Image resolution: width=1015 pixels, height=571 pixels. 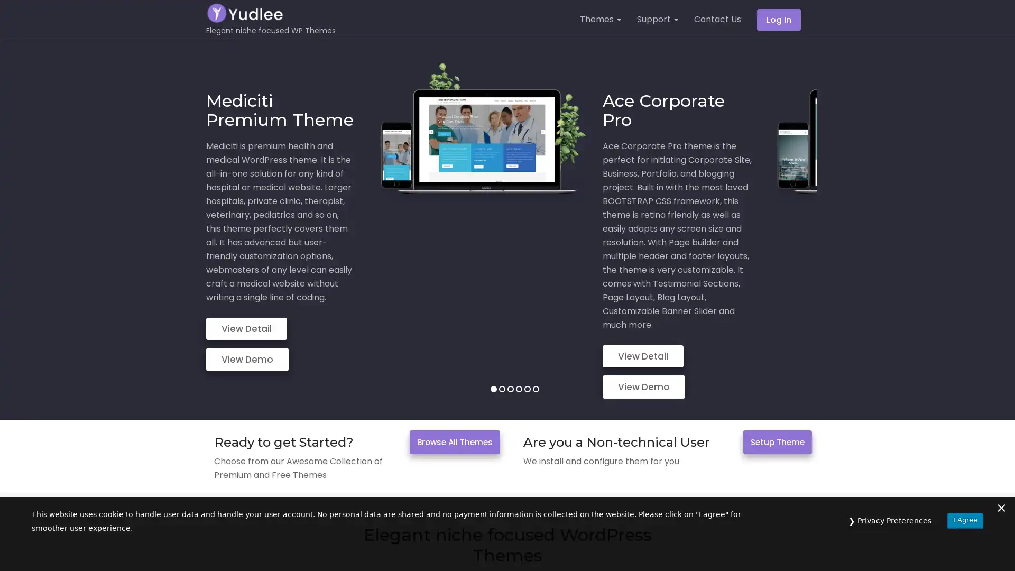 What do you see at coordinates (501, 315) in the screenshot?
I see `2` at bounding box center [501, 315].